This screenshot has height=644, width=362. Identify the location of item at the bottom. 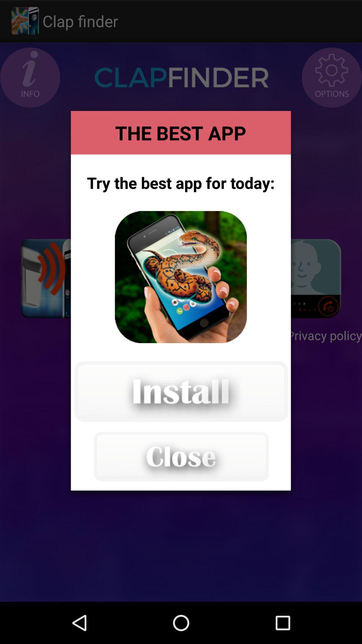
(180, 456).